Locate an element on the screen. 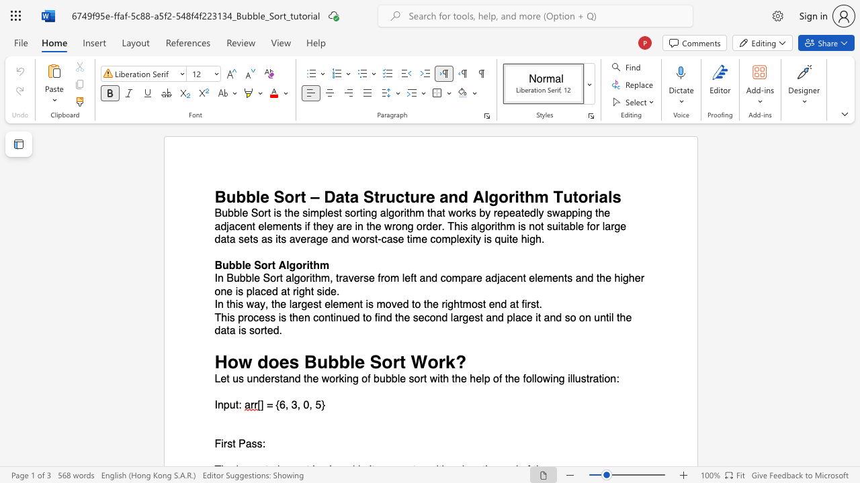 This screenshot has width=860, height=483. the space between the continuous character "u" and "b" in the text is located at coordinates (384, 379).